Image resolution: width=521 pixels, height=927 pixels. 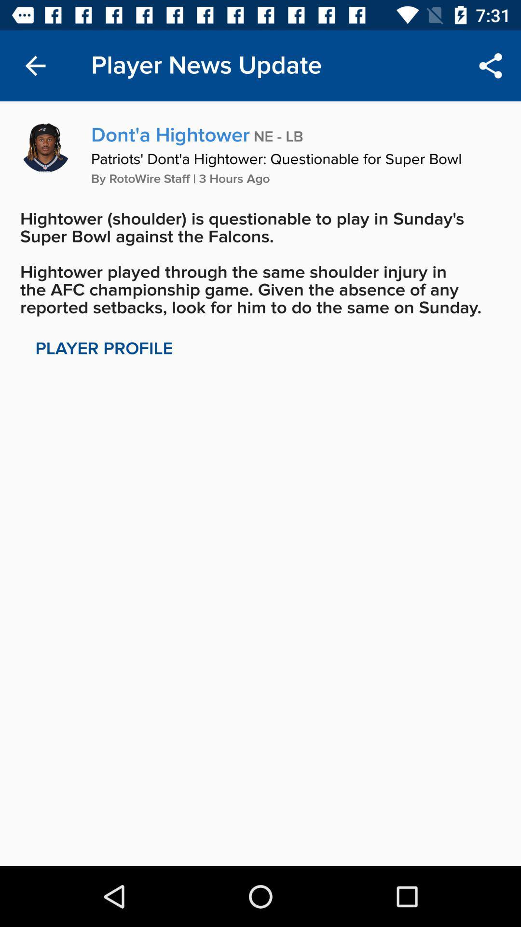 I want to click on the item above player profile icon, so click(x=260, y=263).